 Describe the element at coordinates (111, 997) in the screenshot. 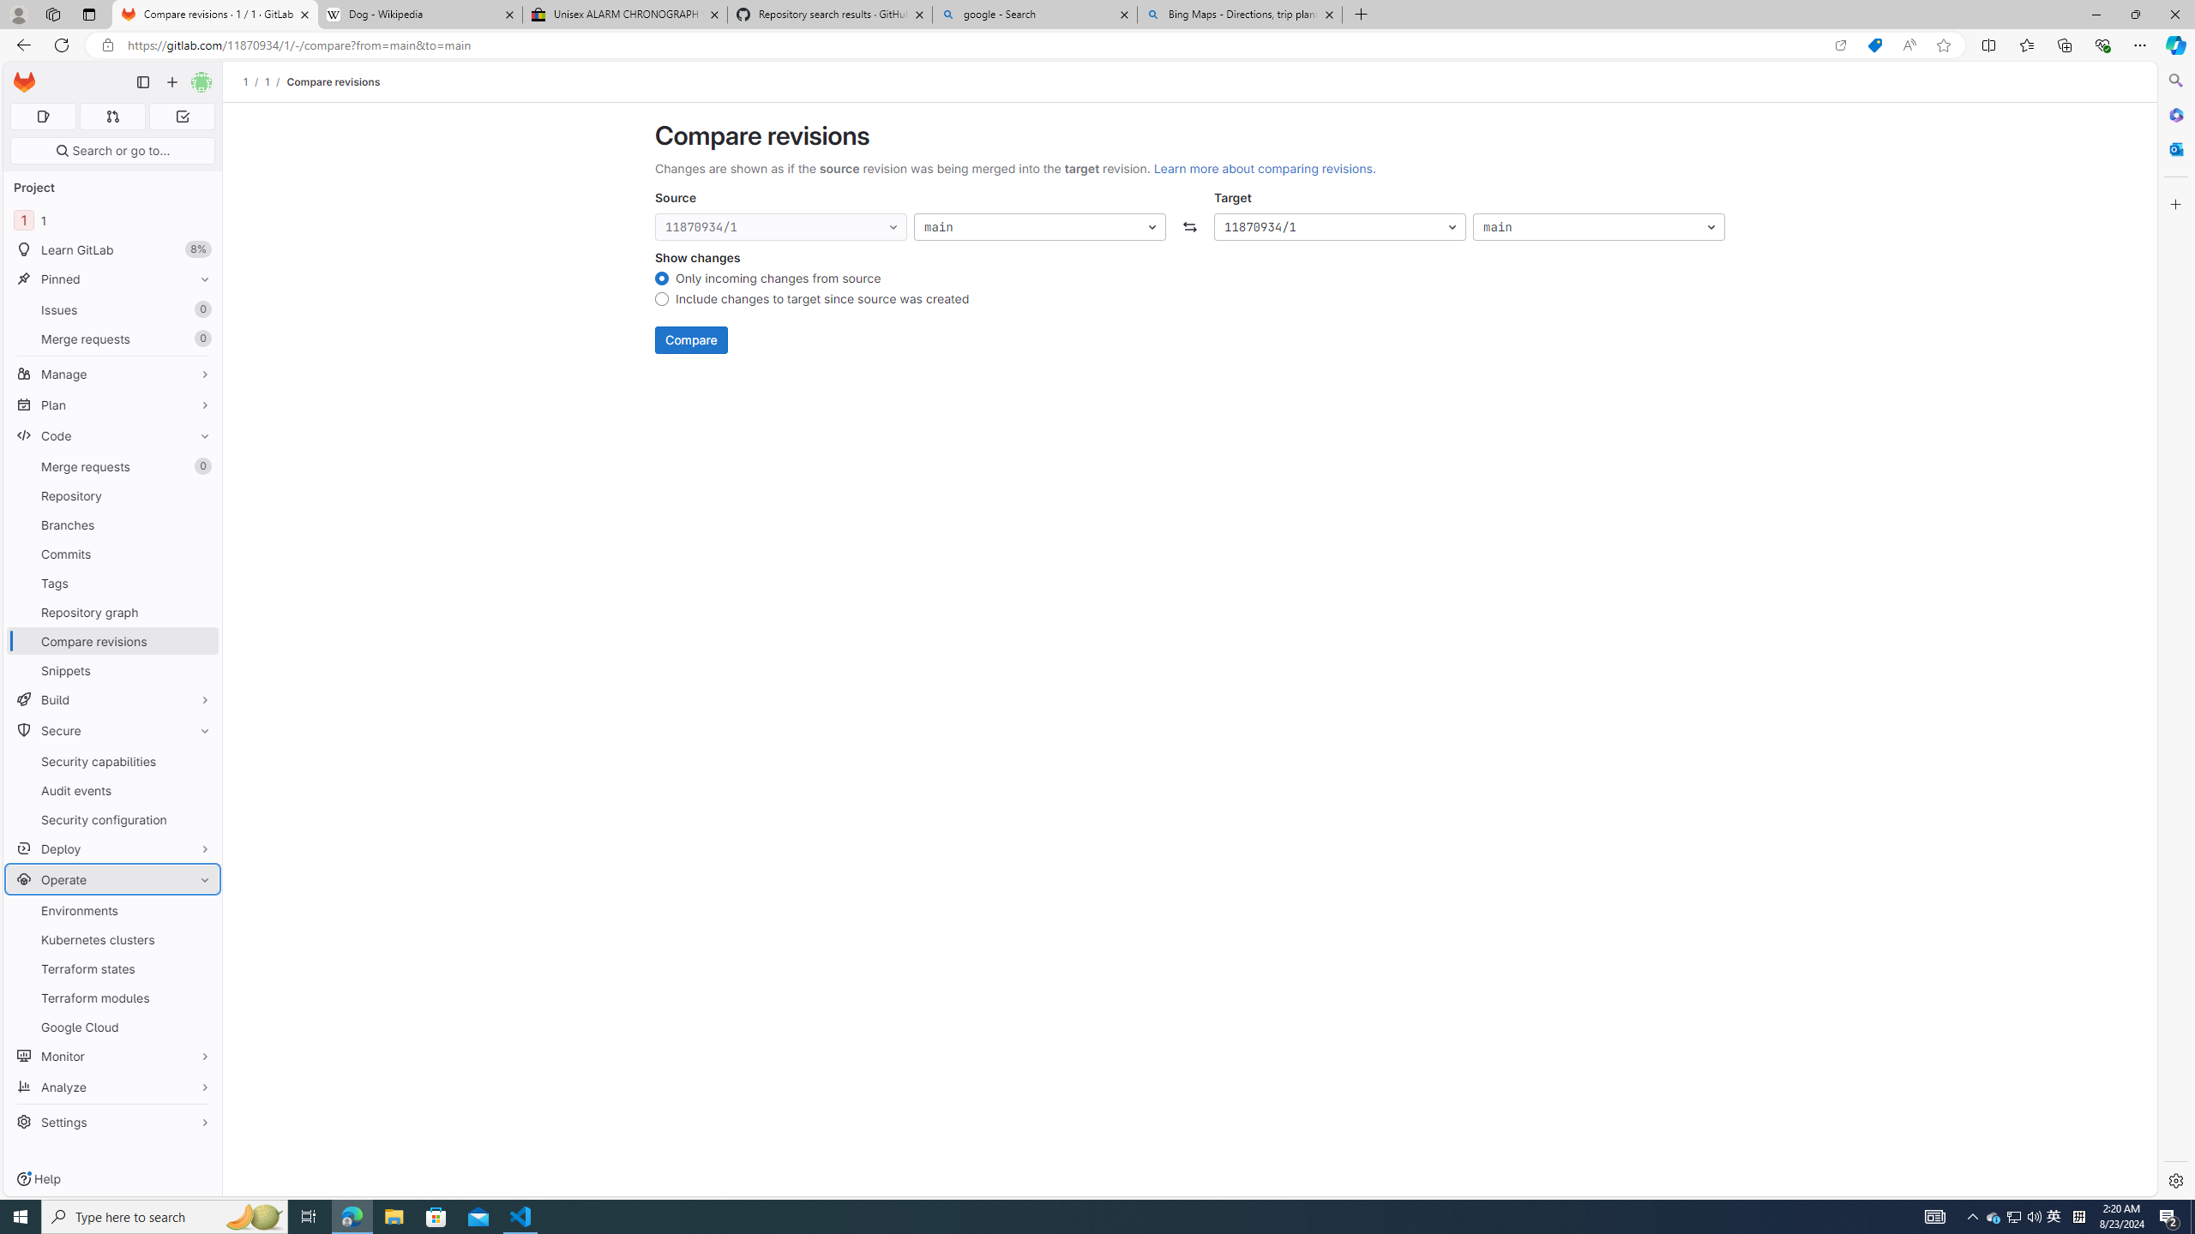

I see `'Terraform modules'` at that location.